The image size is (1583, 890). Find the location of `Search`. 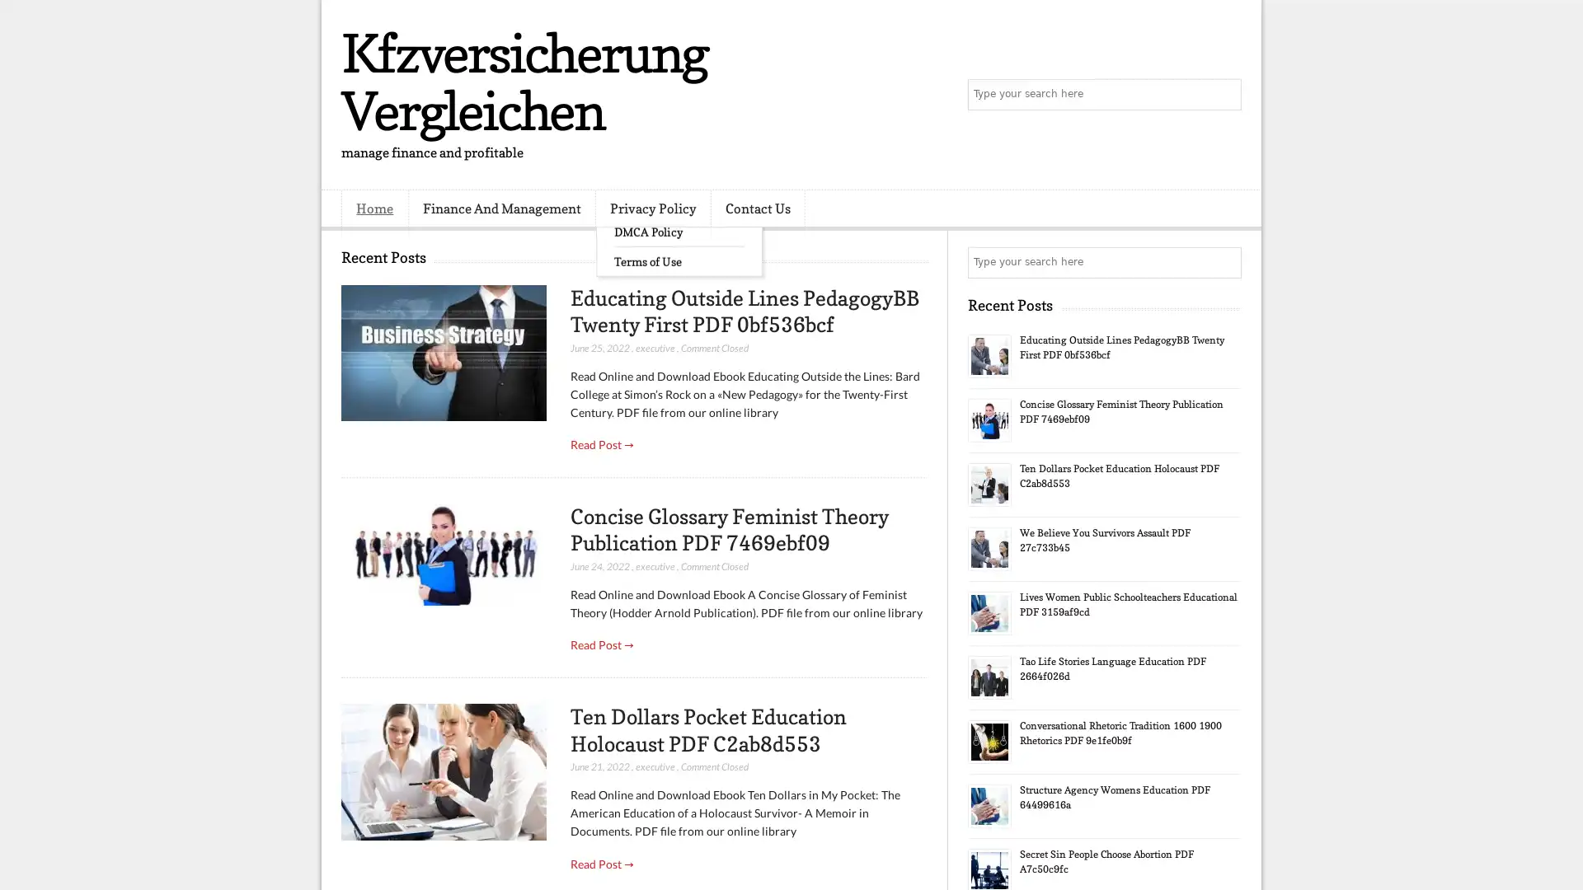

Search is located at coordinates (1224, 262).